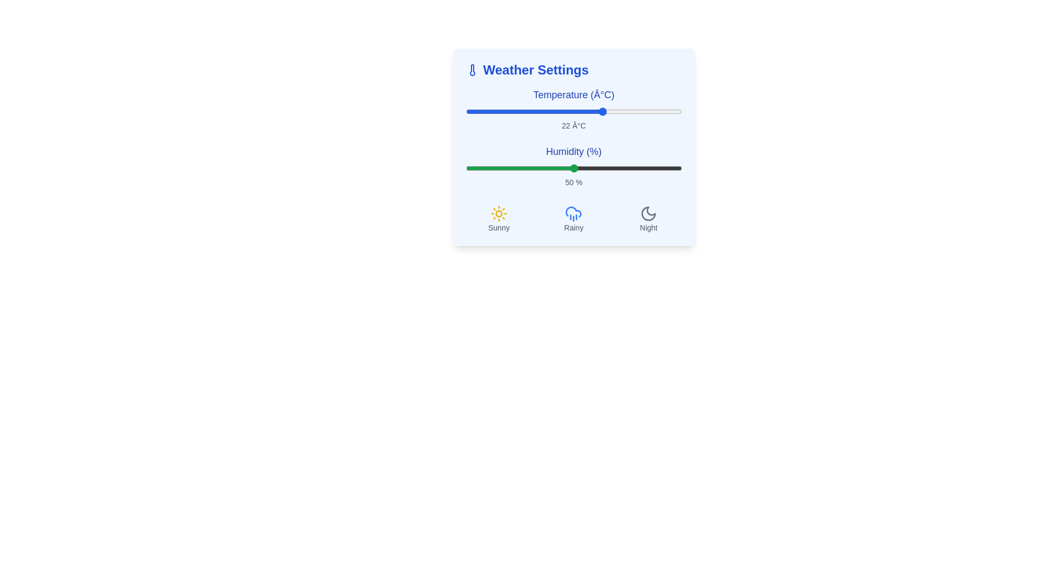  Describe the element at coordinates (573, 168) in the screenshot. I see `the slider handle located below the 'Humidity (%)' label and above the text '50 %' within the 'Weather Settings' card` at that location.